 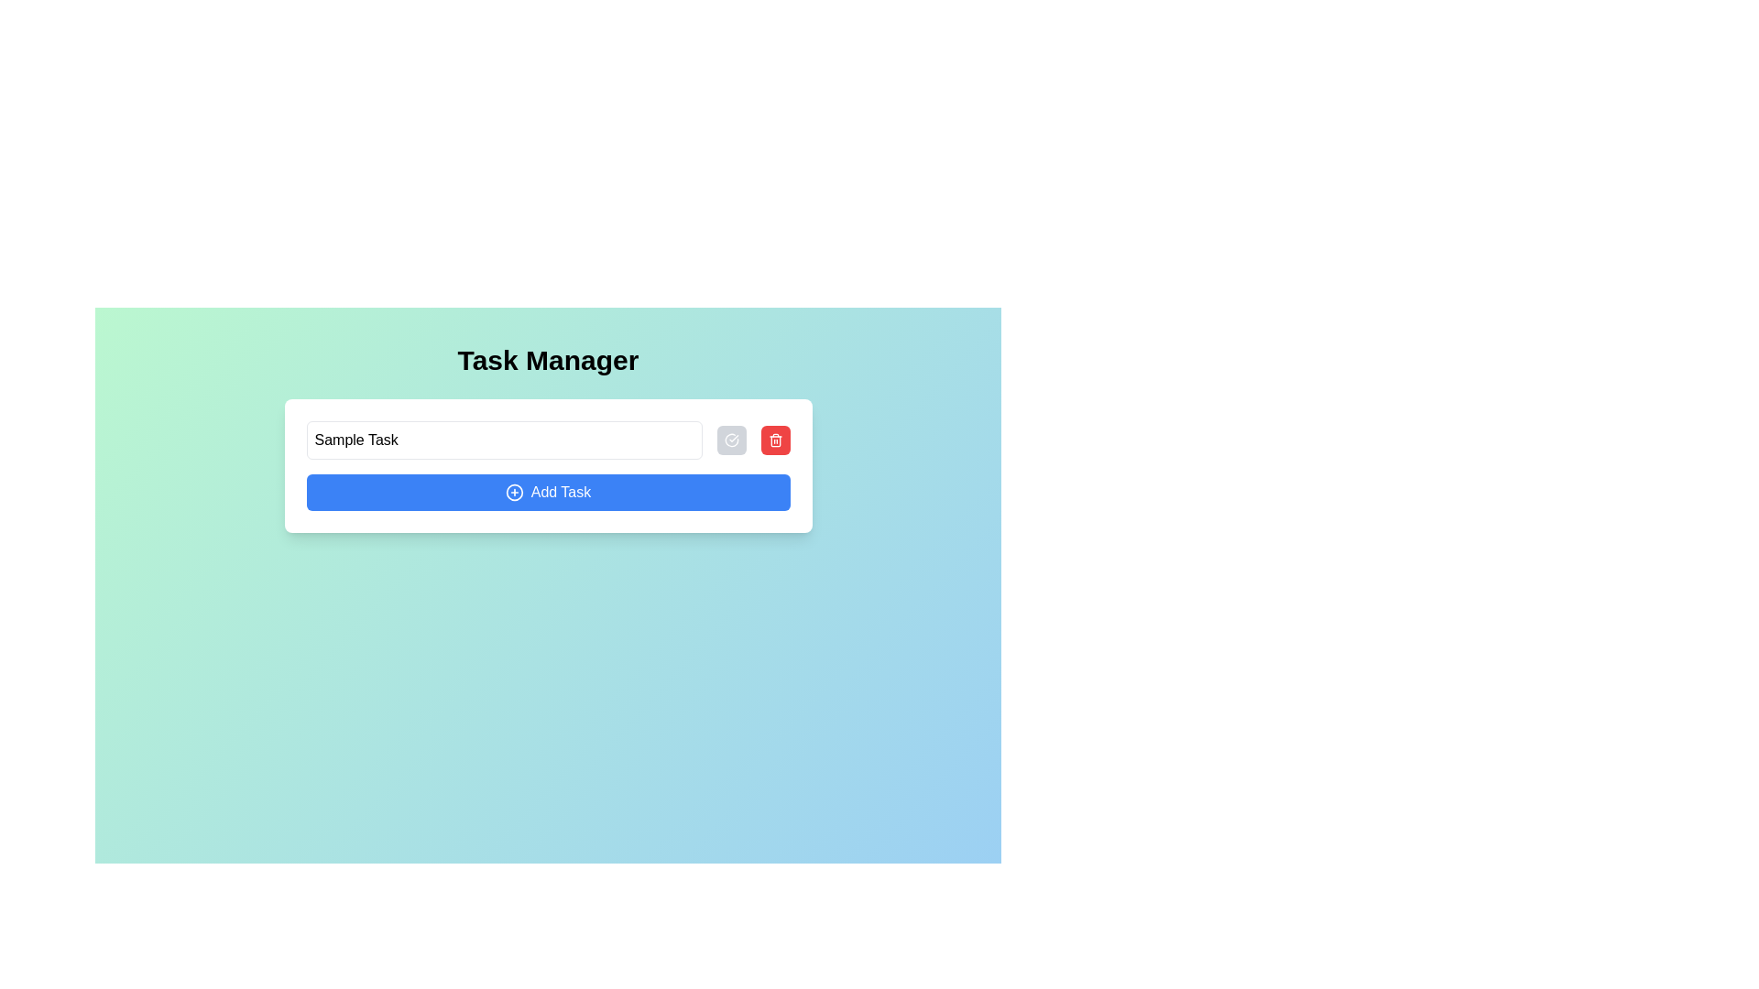 I want to click on the circular checkmark icon located on the right side of the task entry field, so click(x=730, y=440).